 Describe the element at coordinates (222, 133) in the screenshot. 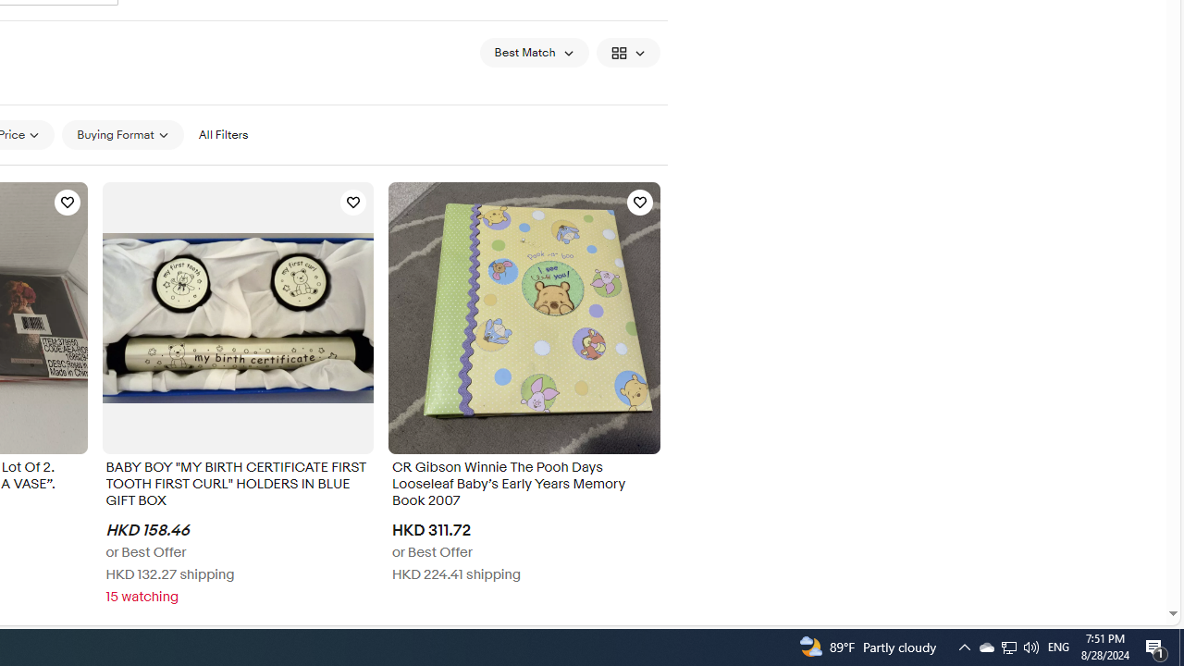

I see `'All Filters'` at that location.